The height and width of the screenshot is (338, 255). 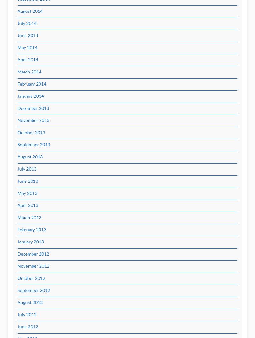 I want to click on 'June 2014', so click(x=27, y=35).